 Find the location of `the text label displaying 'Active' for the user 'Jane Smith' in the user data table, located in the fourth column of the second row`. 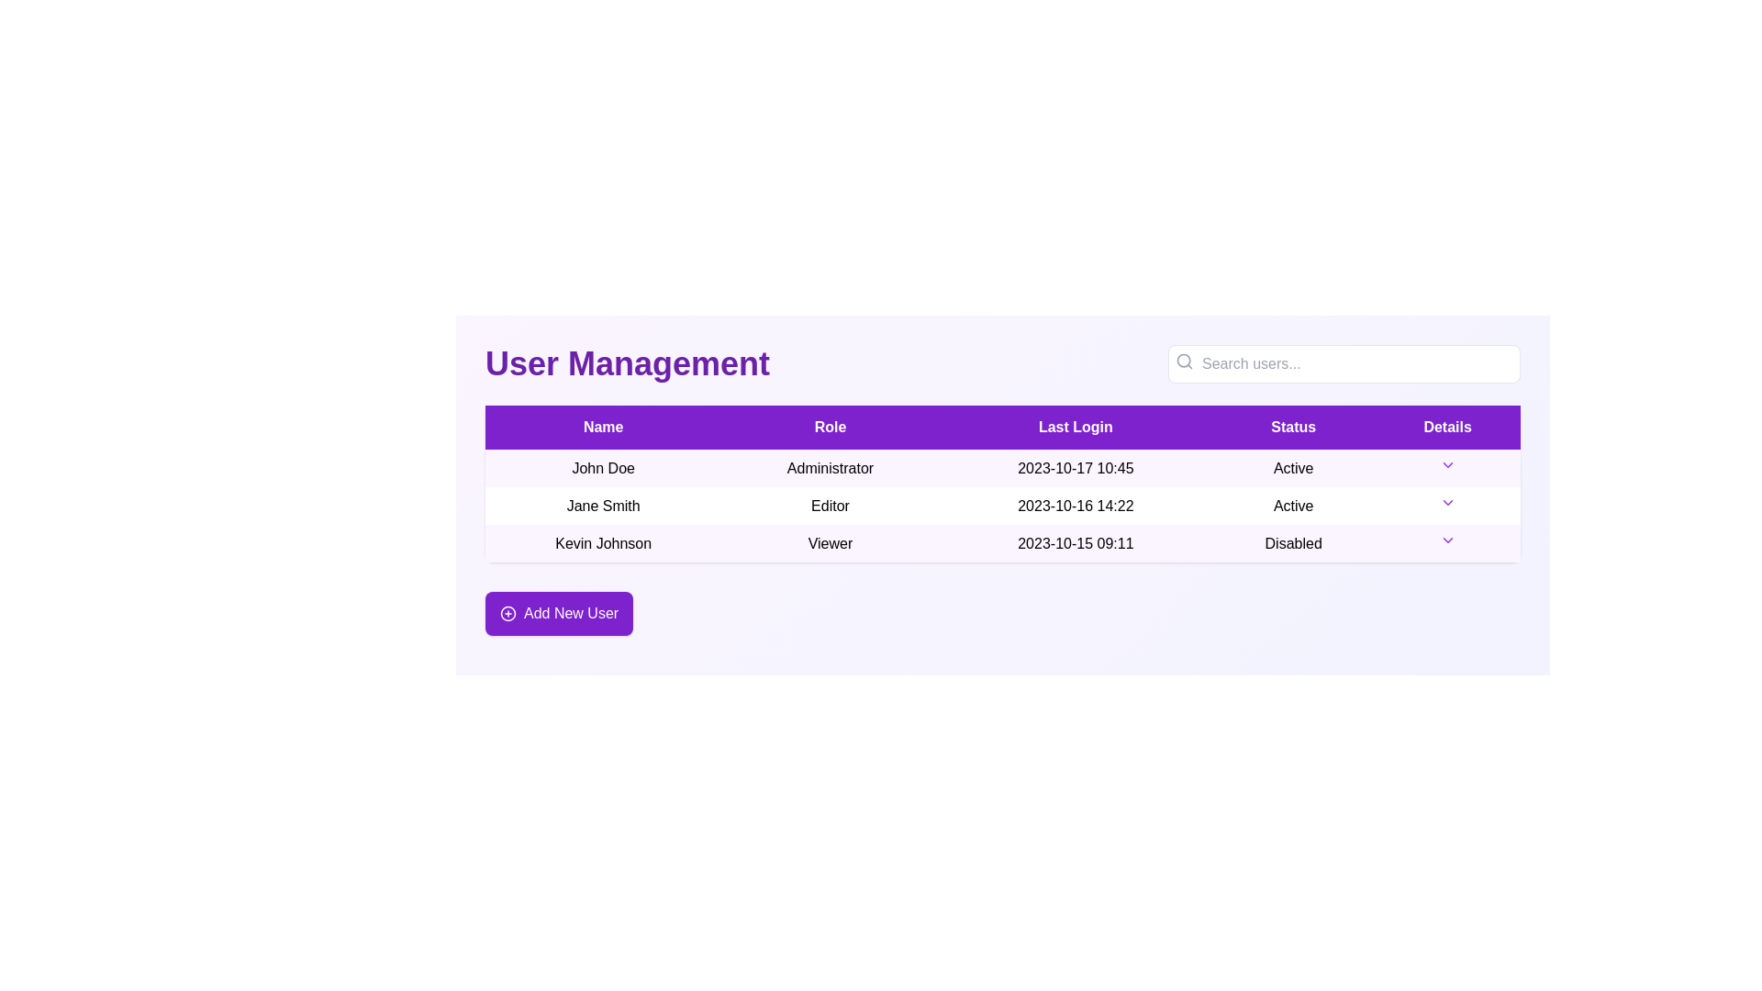

the text label displaying 'Active' for the user 'Jane Smith' in the user data table, located in the fourth column of the second row is located at coordinates (1292, 506).